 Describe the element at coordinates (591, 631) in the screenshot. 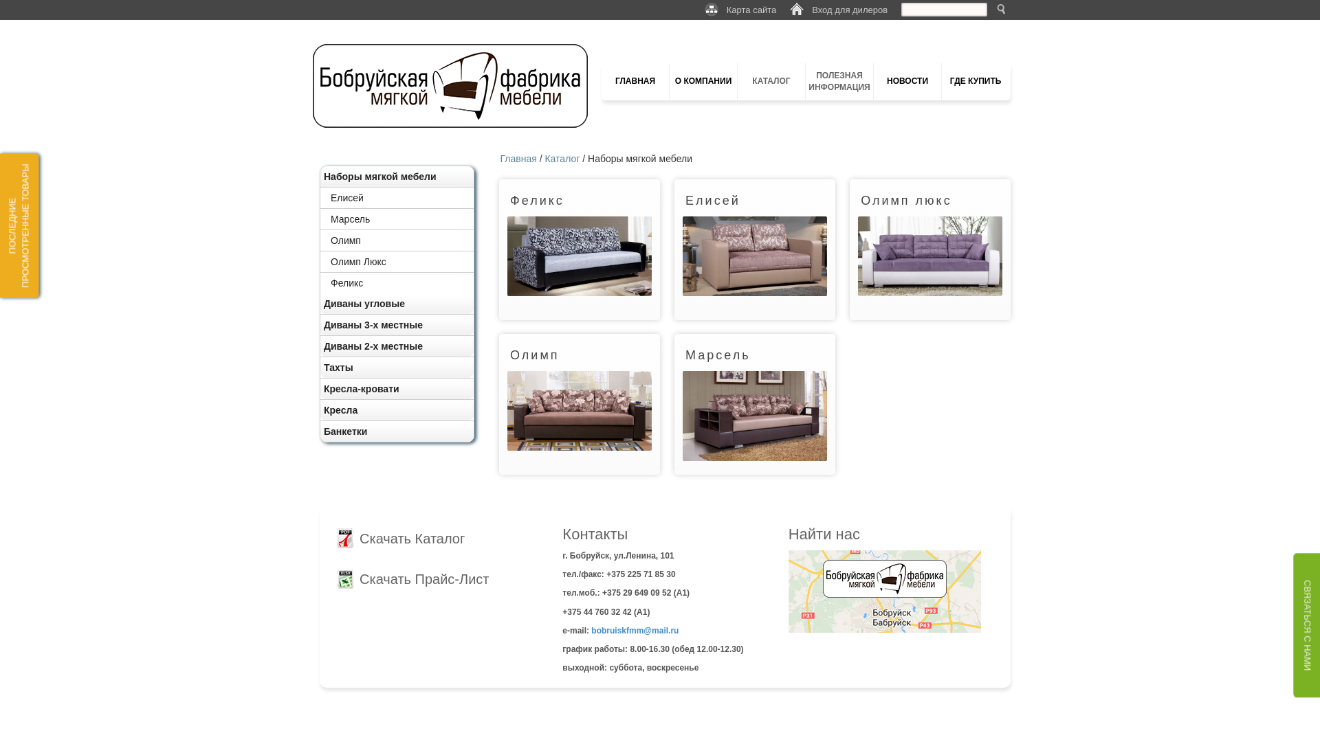

I see `'bobruiskfmm@mail.ru'` at that location.